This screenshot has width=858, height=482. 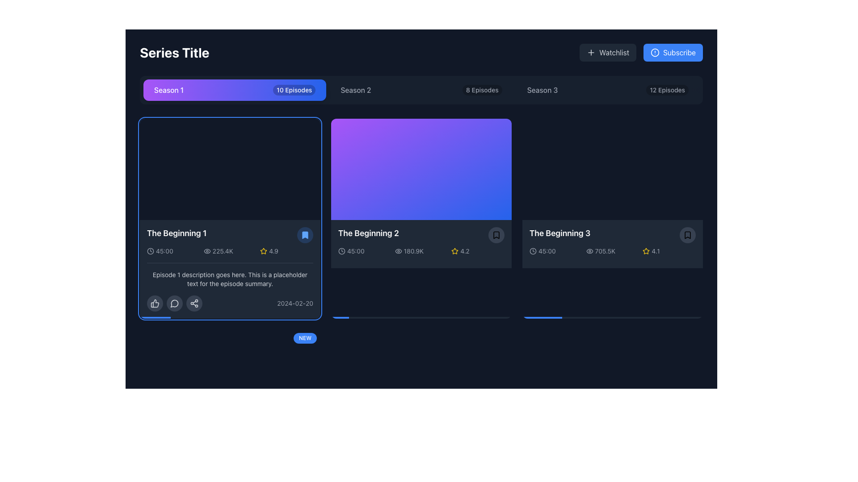 I want to click on the text label that serves as the title for the third episode card, which is located at the bottom-right corner of the visible card grid, so click(x=559, y=233).